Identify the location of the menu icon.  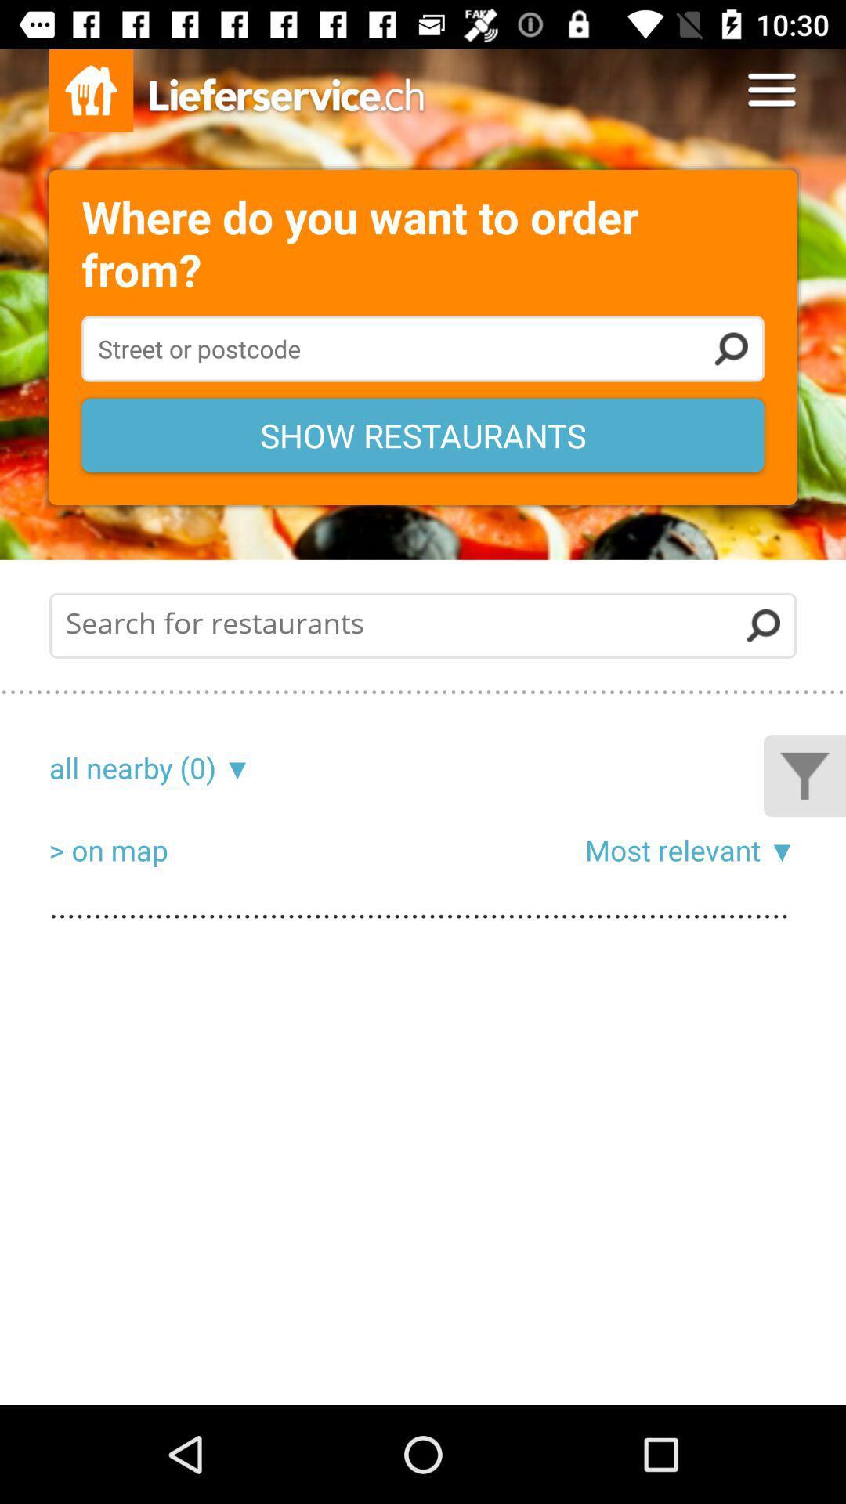
(771, 89).